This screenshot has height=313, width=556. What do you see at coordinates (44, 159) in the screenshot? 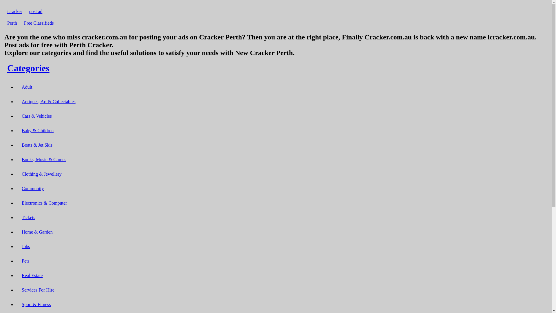
I see `'Books, Music & Games'` at bounding box center [44, 159].